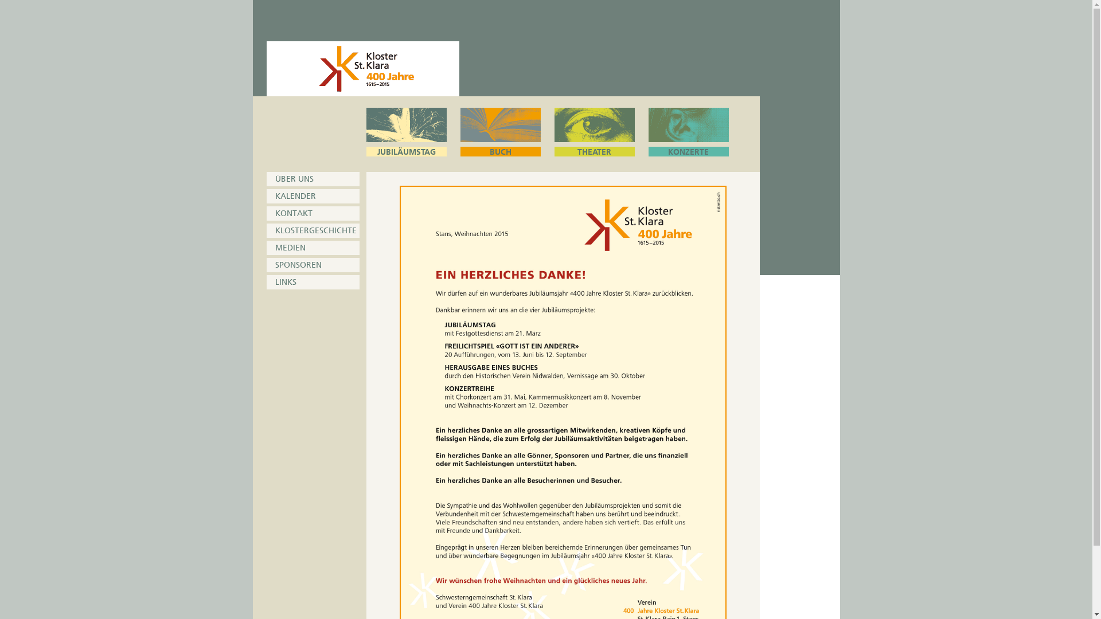 Image resolution: width=1101 pixels, height=619 pixels. Describe the element at coordinates (594, 131) in the screenshot. I see `'THEATER'` at that location.